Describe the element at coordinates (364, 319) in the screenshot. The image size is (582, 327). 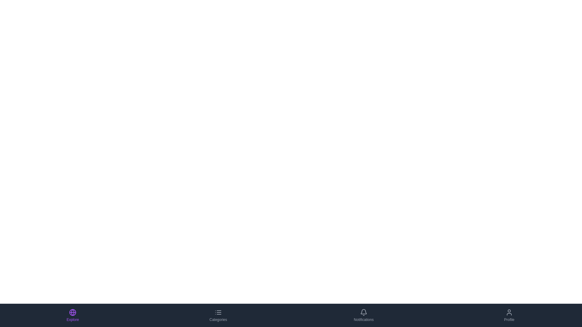
I see `the 'Notifications' text label located below the bell icon in the bottom center-right of the interface` at that location.